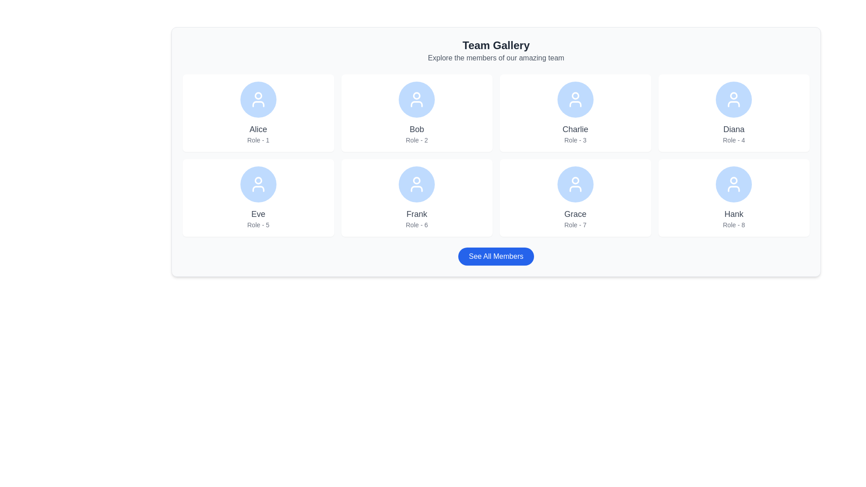 The width and height of the screenshot is (866, 487). I want to click on the text label 'Hank' which is styled with a medium font weight and gray color, located in the lower part of a white card above the smaller text 'Role - 8', so click(734, 214).